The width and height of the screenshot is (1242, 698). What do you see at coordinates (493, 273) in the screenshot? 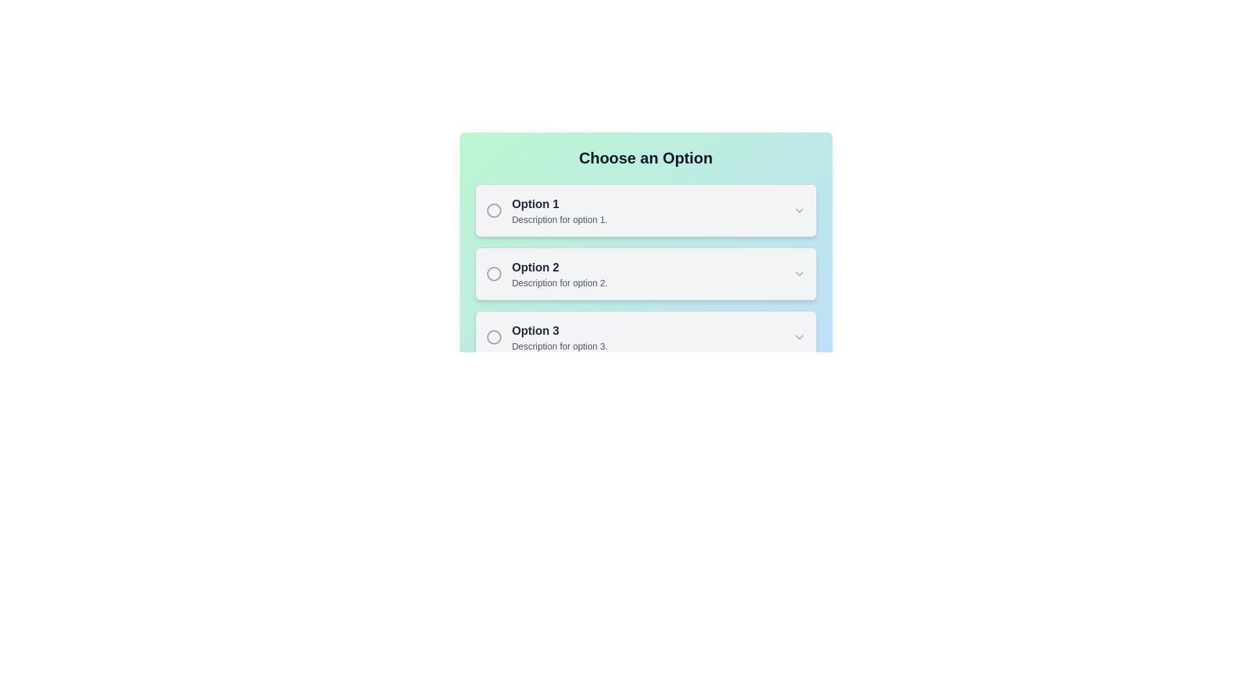
I see `the circular radio button icon located to the left of the text labeled 'Option 2'` at bounding box center [493, 273].